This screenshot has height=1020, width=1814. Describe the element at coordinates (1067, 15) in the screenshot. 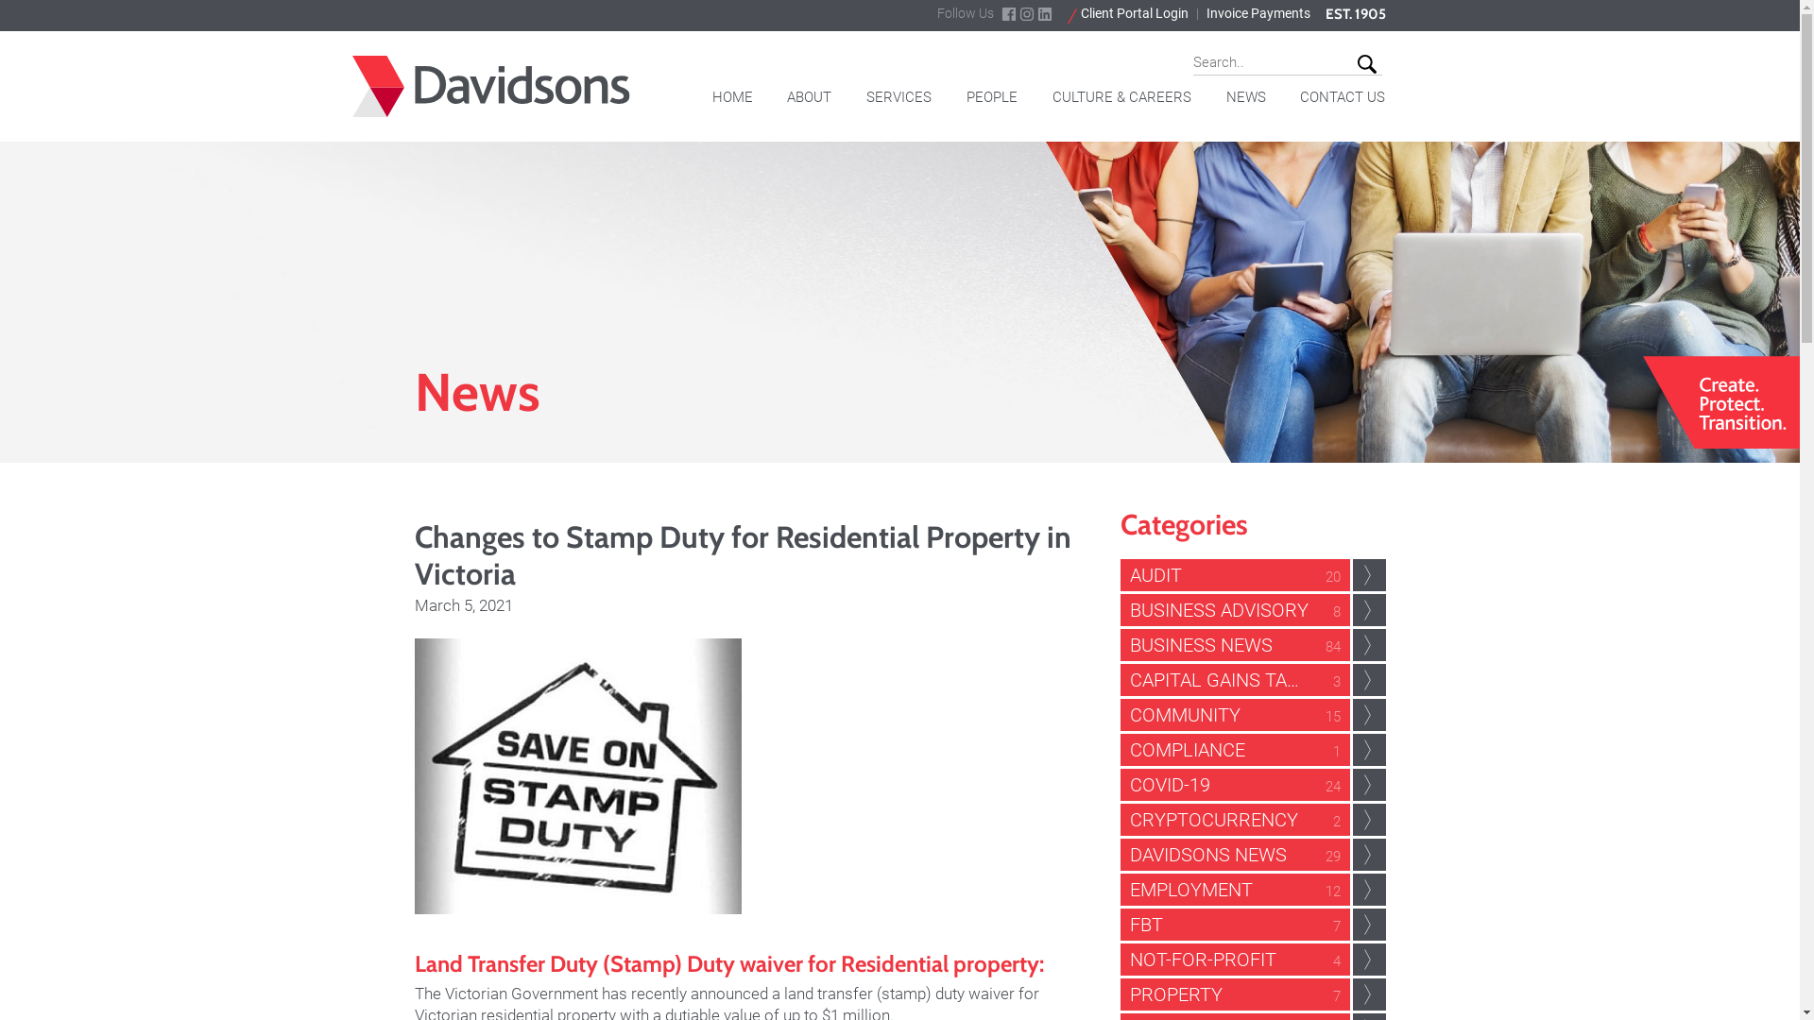

I see `'Client Portal Login'` at that location.